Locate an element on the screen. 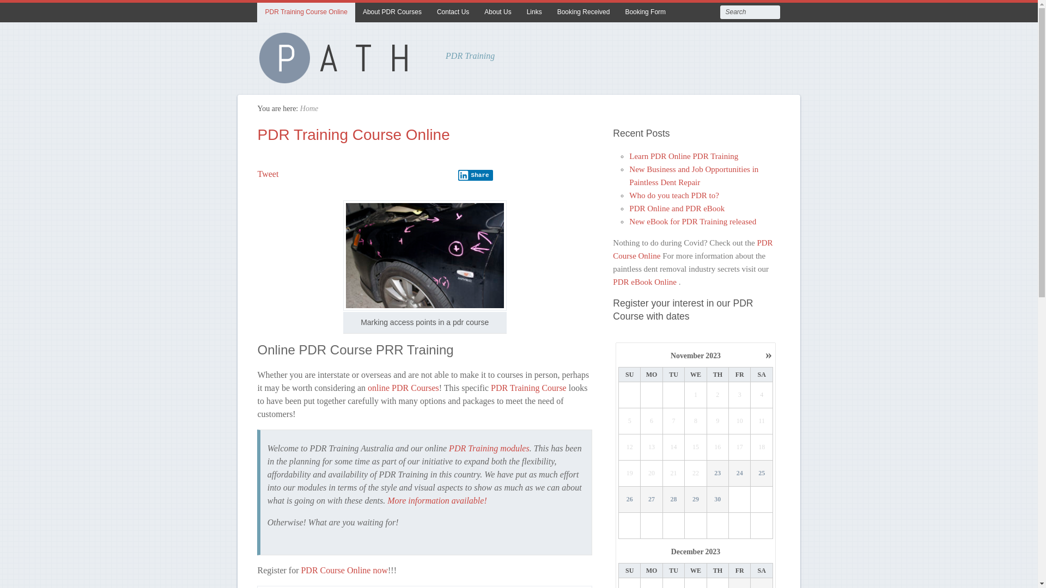 Image resolution: width=1046 pixels, height=588 pixels. '28' is located at coordinates (662, 500).